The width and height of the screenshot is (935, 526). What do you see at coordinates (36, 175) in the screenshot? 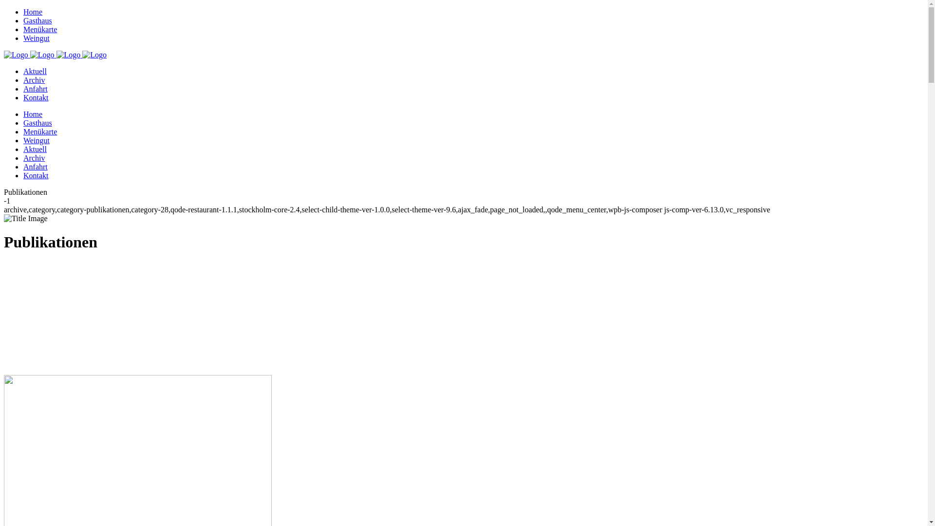
I see `'Kontakt'` at bounding box center [36, 175].